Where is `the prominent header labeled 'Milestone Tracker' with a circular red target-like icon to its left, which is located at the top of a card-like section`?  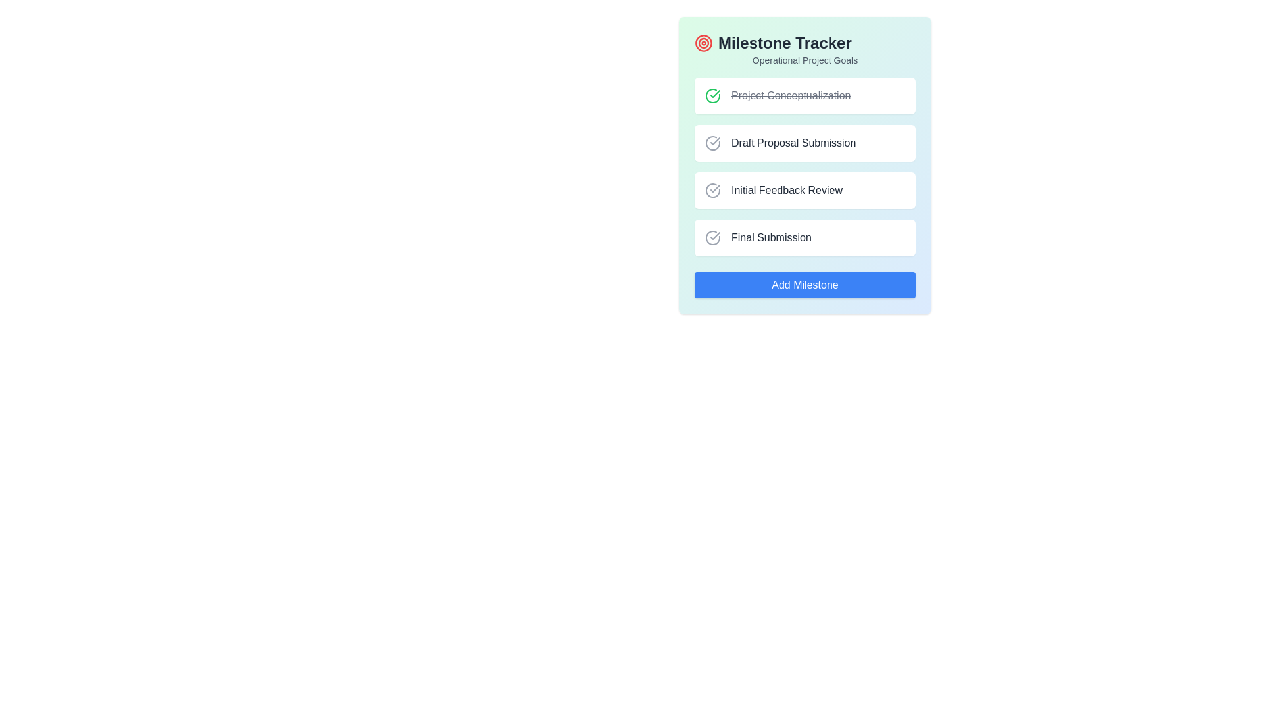
the prominent header labeled 'Milestone Tracker' with a circular red target-like icon to its left, which is located at the top of a card-like section is located at coordinates (805, 42).